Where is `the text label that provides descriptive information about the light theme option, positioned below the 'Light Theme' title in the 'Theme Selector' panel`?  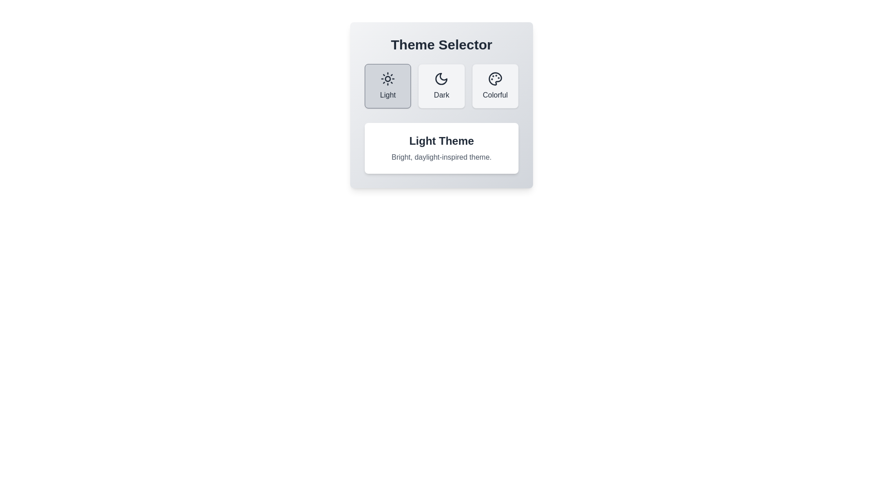 the text label that provides descriptive information about the light theme option, positioned below the 'Light Theme' title in the 'Theme Selector' panel is located at coordinates (441, 157).